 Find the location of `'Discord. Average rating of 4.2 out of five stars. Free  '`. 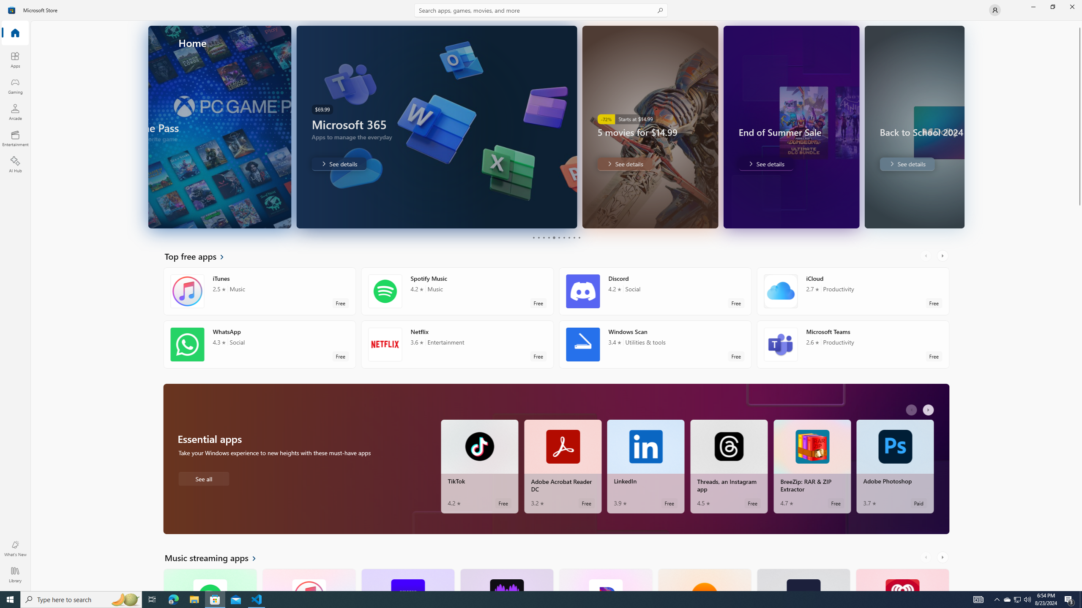

'Discord. Average rating of 4.2 out of five stars. Free  ' is located at coordinates (655, 291).